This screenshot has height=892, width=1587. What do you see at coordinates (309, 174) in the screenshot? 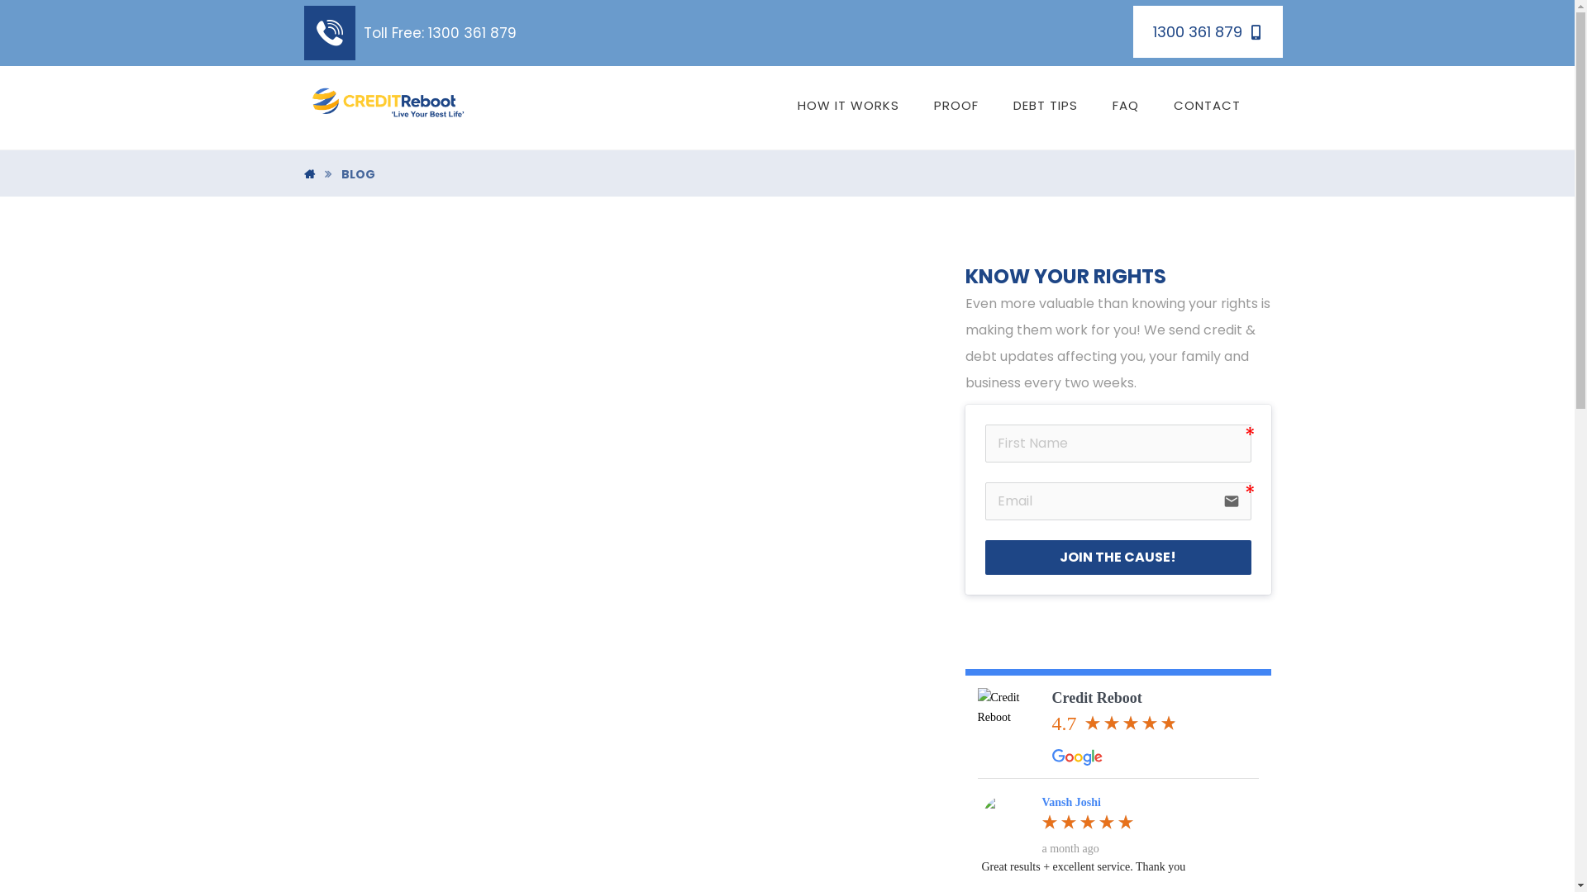
I see `'Home page'` at bounding box center [309, 174].